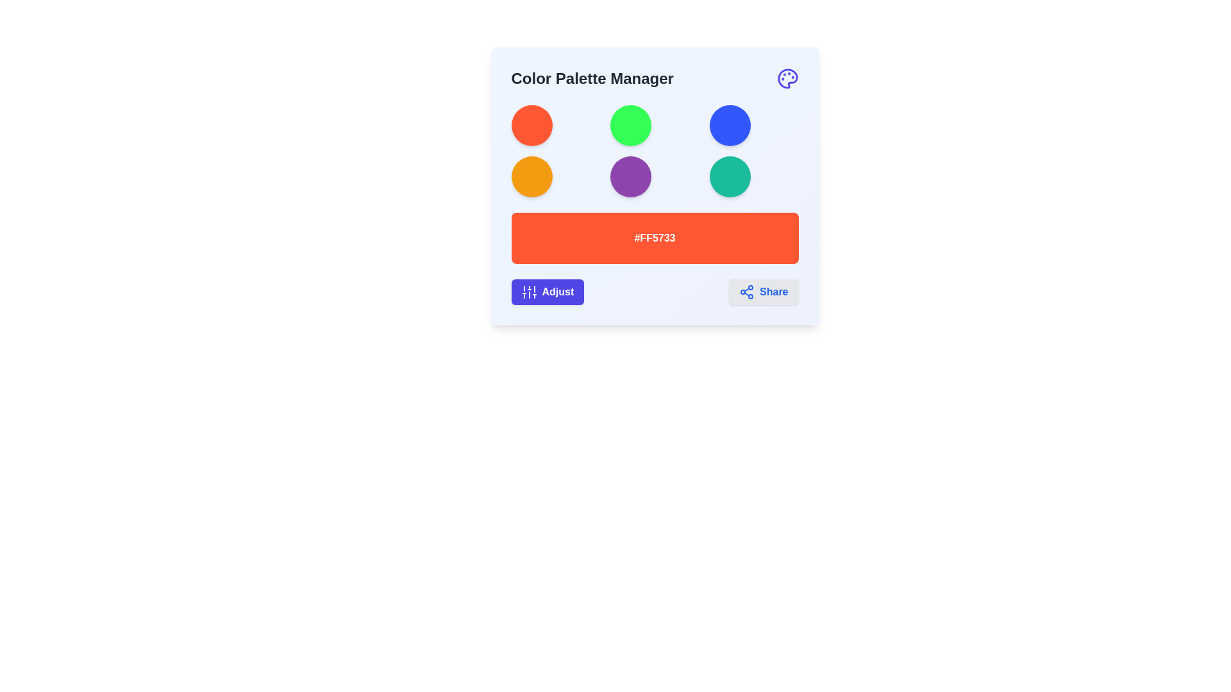  What do you see at coordinates (787, 79) in the screenshot?
I see `the Decorative Icon Element located at the top right corner of the Color Palette Manager, which is the largest circular element in the palette icon` at bounding box center [787, 79].